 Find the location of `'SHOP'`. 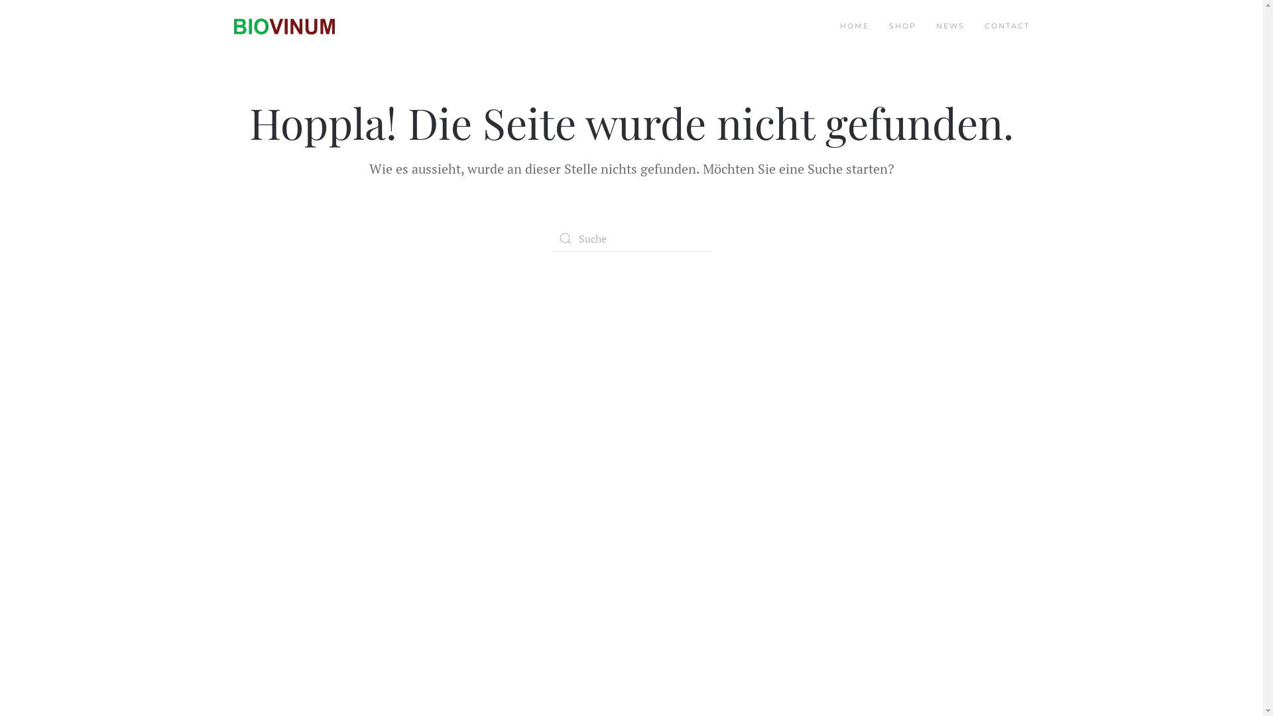

'SHOP' is located at coordinates (888, 26).